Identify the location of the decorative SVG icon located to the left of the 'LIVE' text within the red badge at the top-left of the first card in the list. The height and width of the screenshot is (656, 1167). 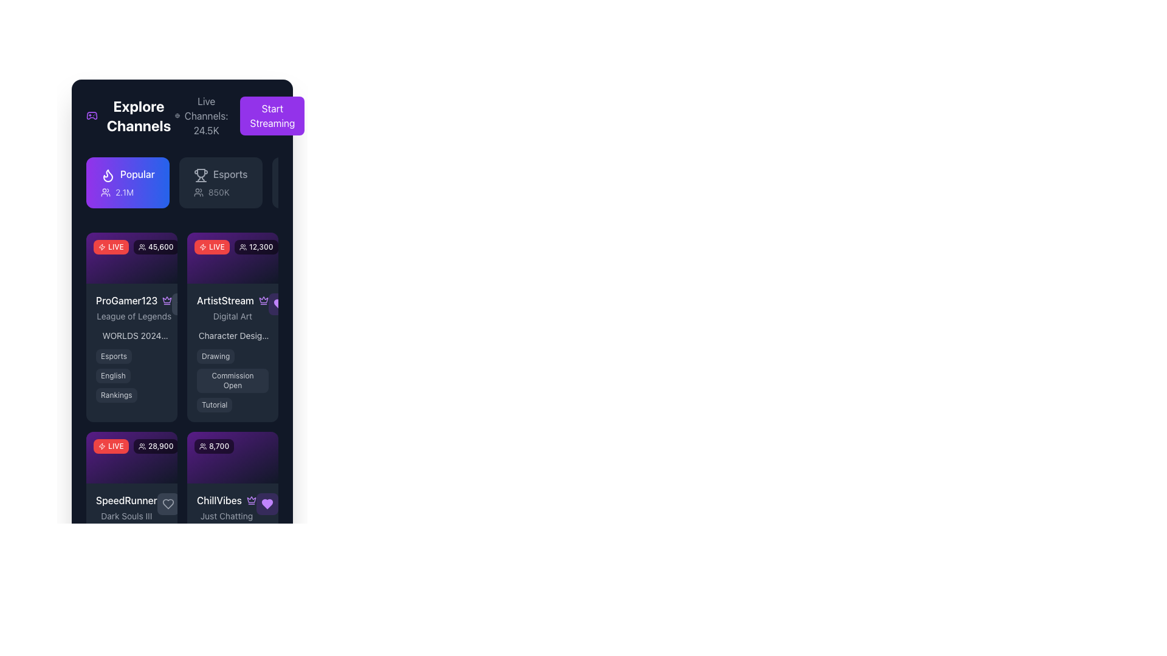
(203, 247).